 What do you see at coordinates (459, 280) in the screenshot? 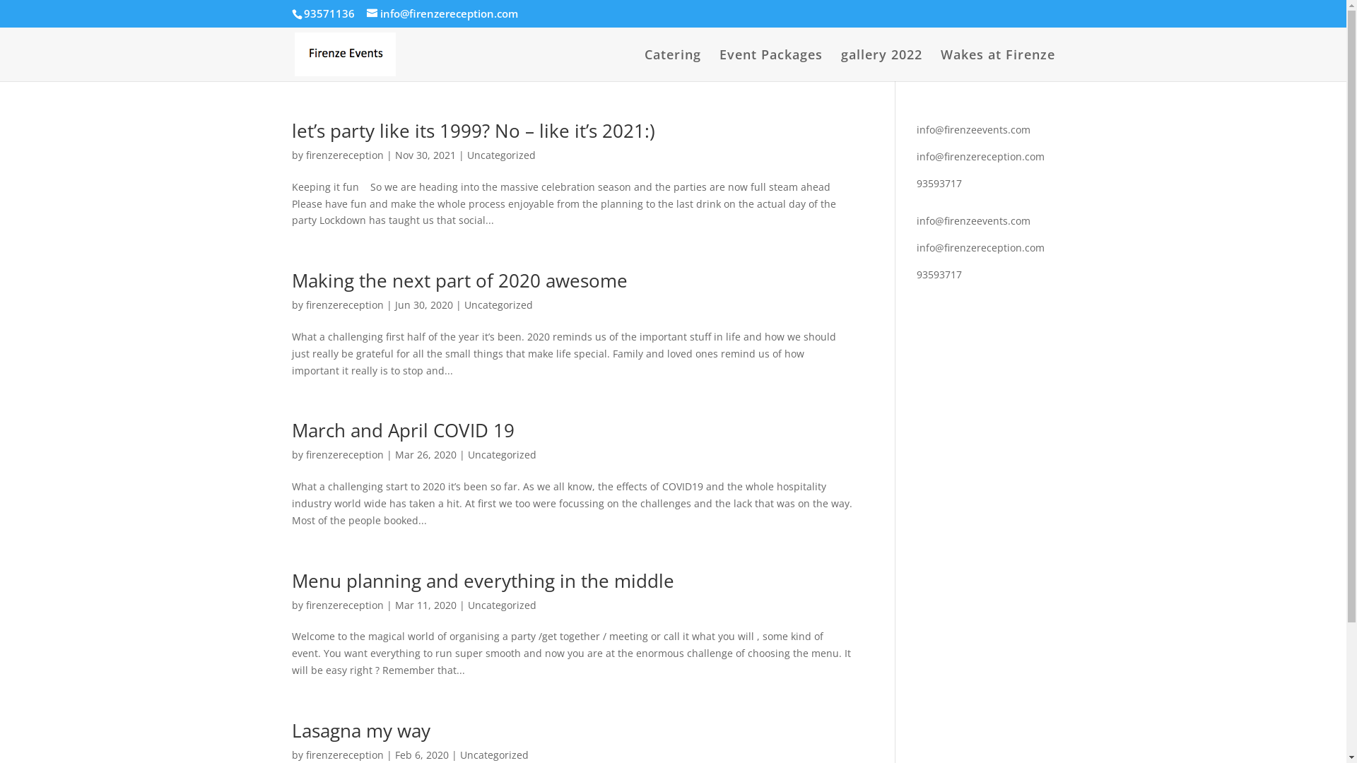
I see `'Making the next part of 2020 awesome'` at bounding box center [459, 280].